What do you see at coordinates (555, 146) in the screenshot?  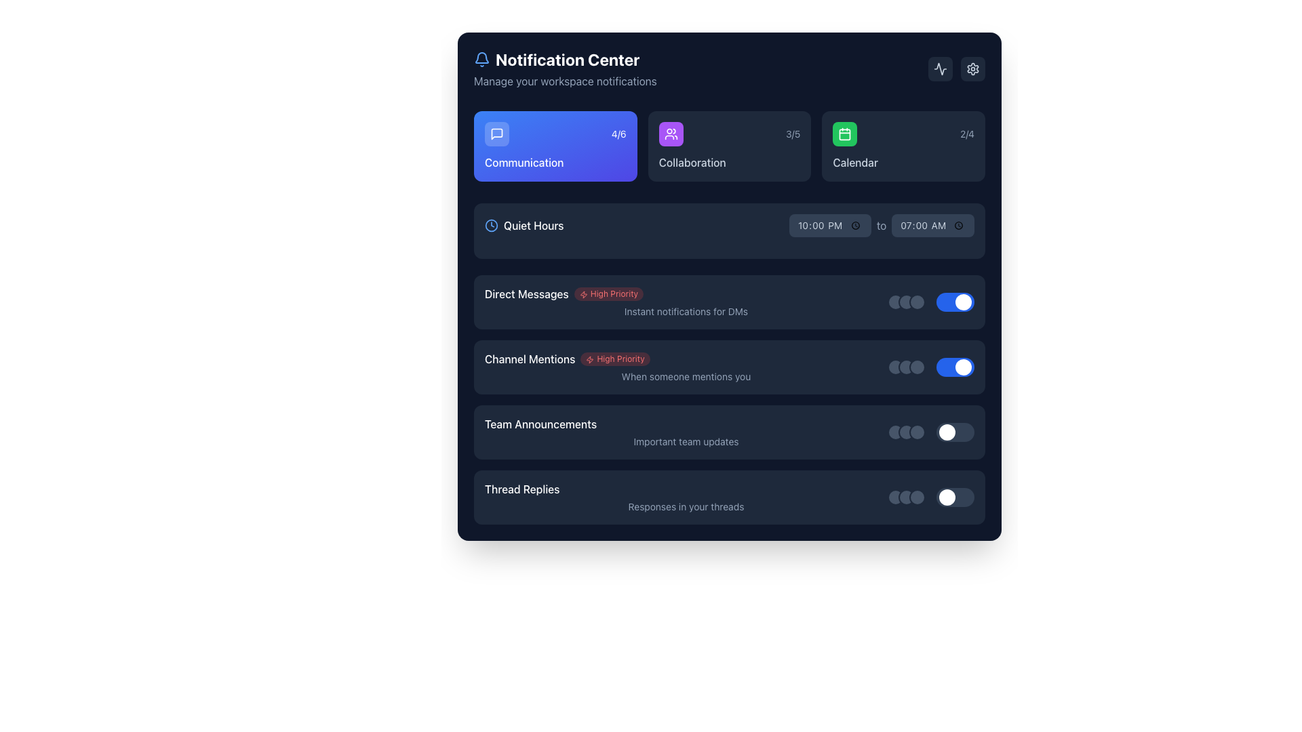 I see `the button located at the upper section of the interface, which is the first in a row of three buttons and positioned to the left of the 'Collaboration' button` at bounding box center [555, 146].